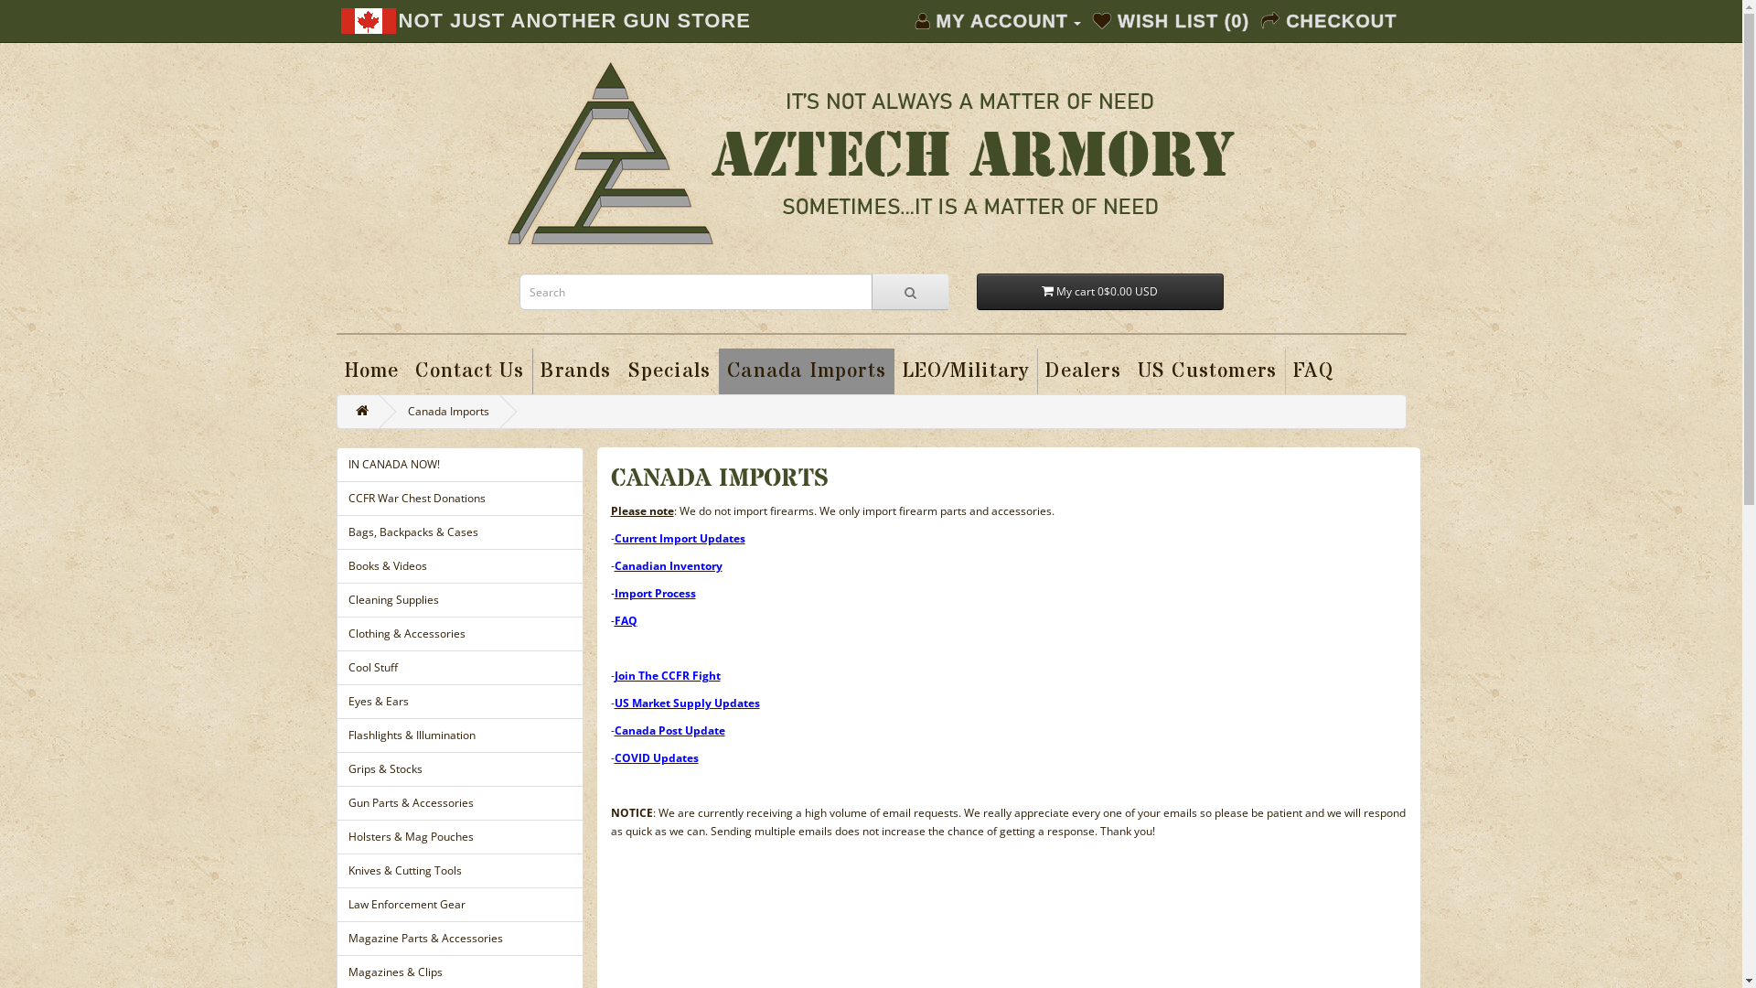 The width and height of the screenshot is (1756, 988). Describe the element at coordinates (460, 734) in the screenshot. I see `'Flashlights & Illumination'` at that location.